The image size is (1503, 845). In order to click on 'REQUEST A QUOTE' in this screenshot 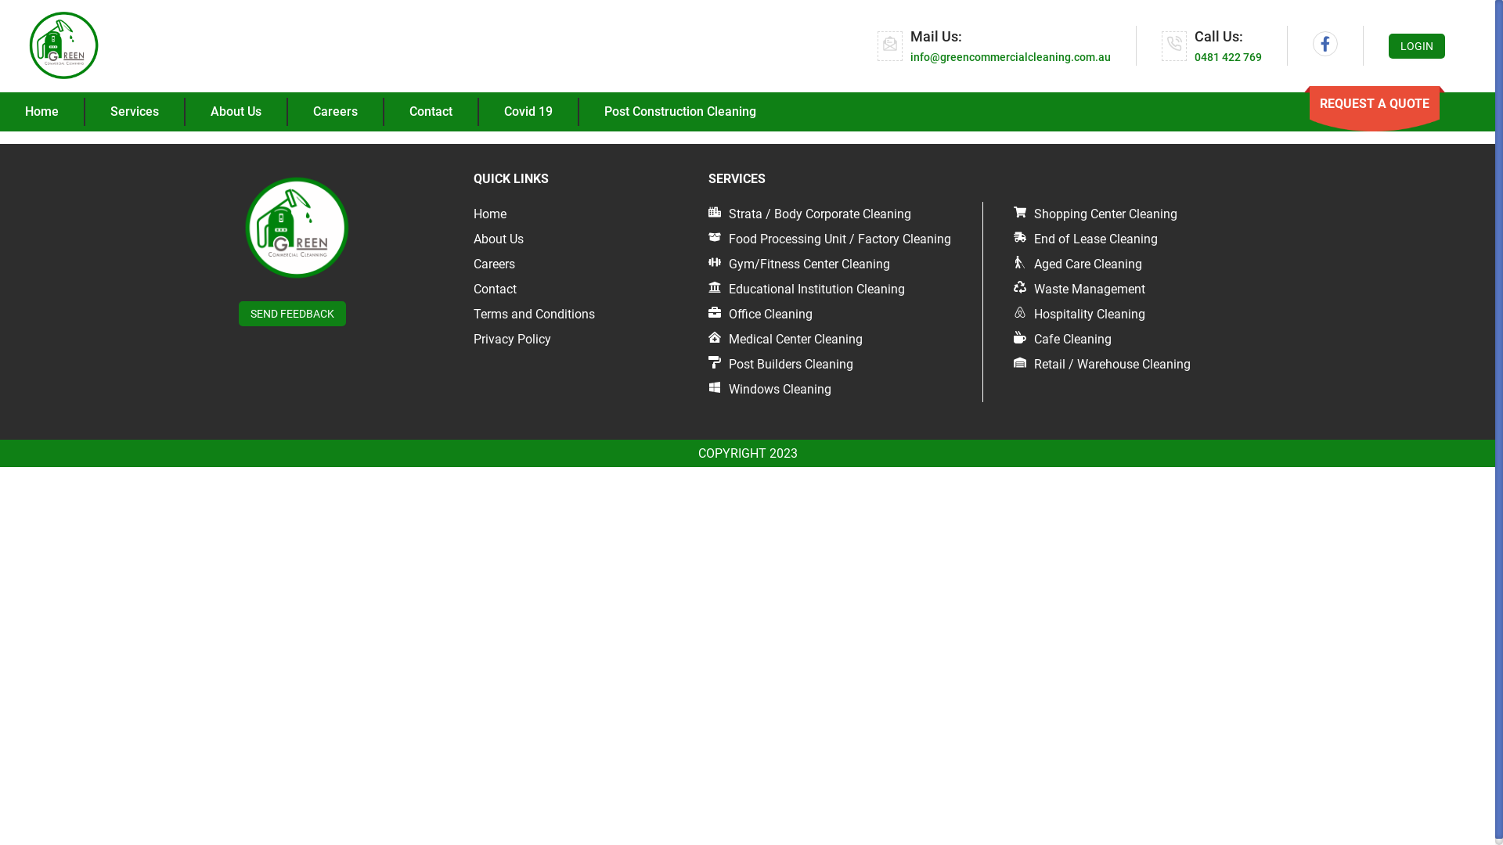, I will do `click(1374, 103)`.